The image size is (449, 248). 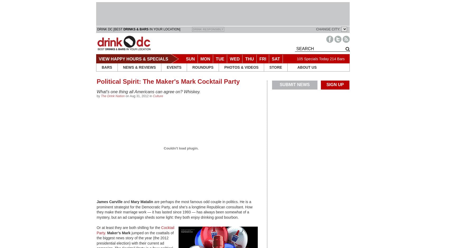 What do you see at coordinates (328, 29) in the screenshot?
I see `'CHANGE CITY:'` at bounding box center [328, 29].